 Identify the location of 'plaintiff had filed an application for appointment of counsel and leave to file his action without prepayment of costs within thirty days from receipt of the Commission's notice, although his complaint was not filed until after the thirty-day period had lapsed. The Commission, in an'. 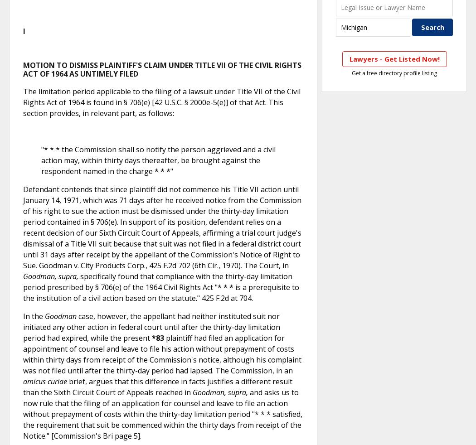
(162, 353).